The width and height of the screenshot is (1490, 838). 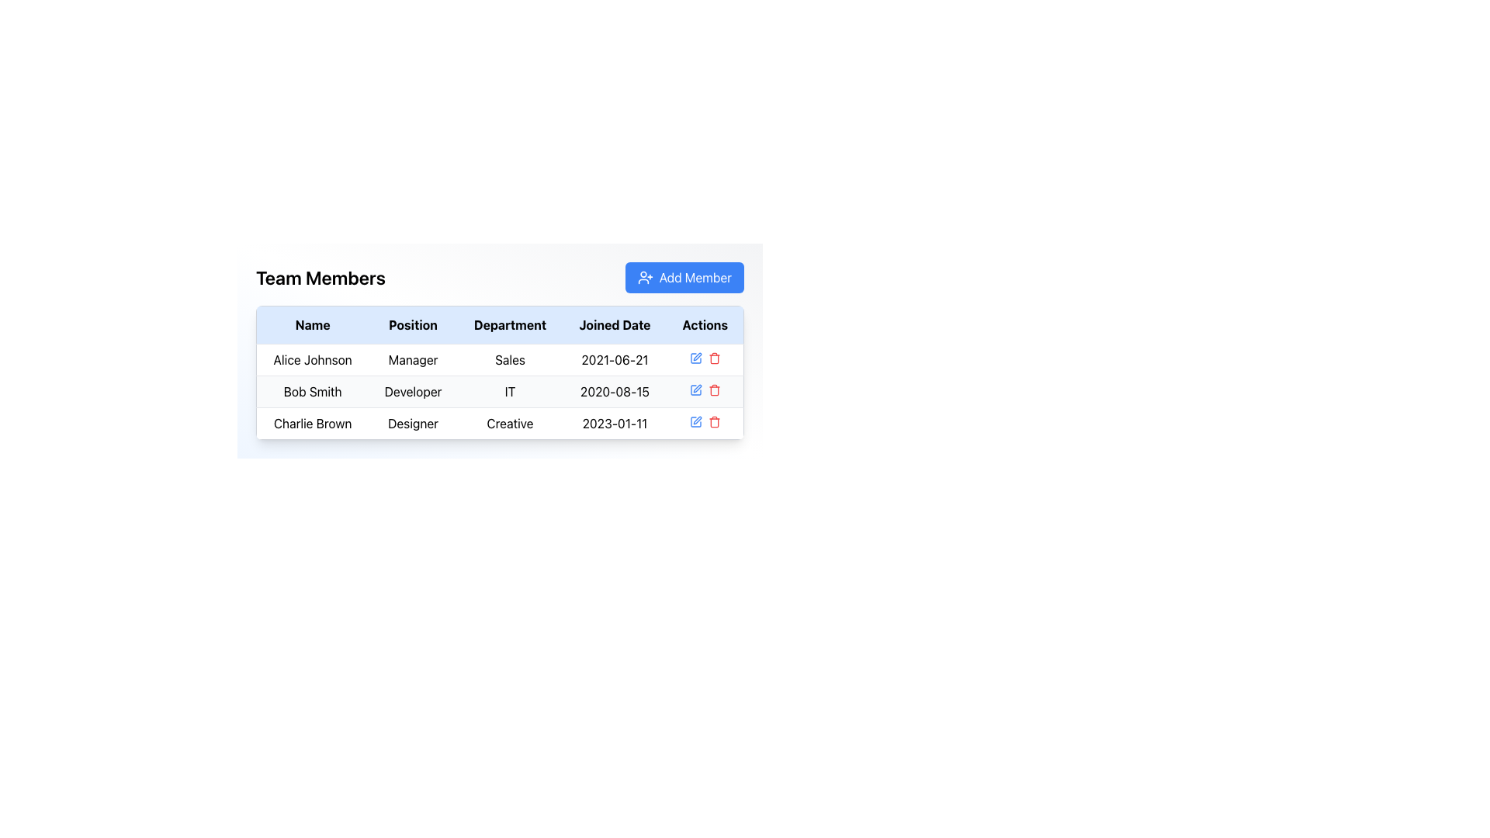 What do you see at coordinates (684, 277) in the screenshot?
I see `the 'Add Member' button located on the right side of the interface, adjacent to the 'Team Members' title, to observe its hover state` at bounding box center [684, 277].